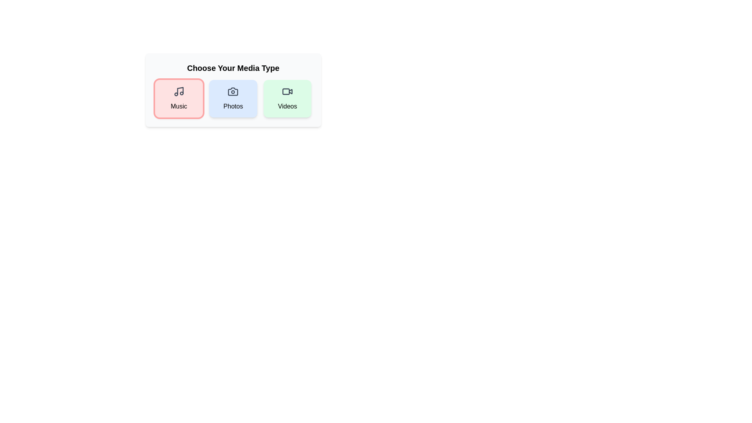 This screenshot has width=752, height=423. What do you see at coordinates (286, 91) in the screenshot?
I see `the inner box of the video icon, which is part of the 'Videos' card, located at the far right of the row of cards labeled 'Music', 'Photos', and 'Videos'` at bounding box center [286, 91].